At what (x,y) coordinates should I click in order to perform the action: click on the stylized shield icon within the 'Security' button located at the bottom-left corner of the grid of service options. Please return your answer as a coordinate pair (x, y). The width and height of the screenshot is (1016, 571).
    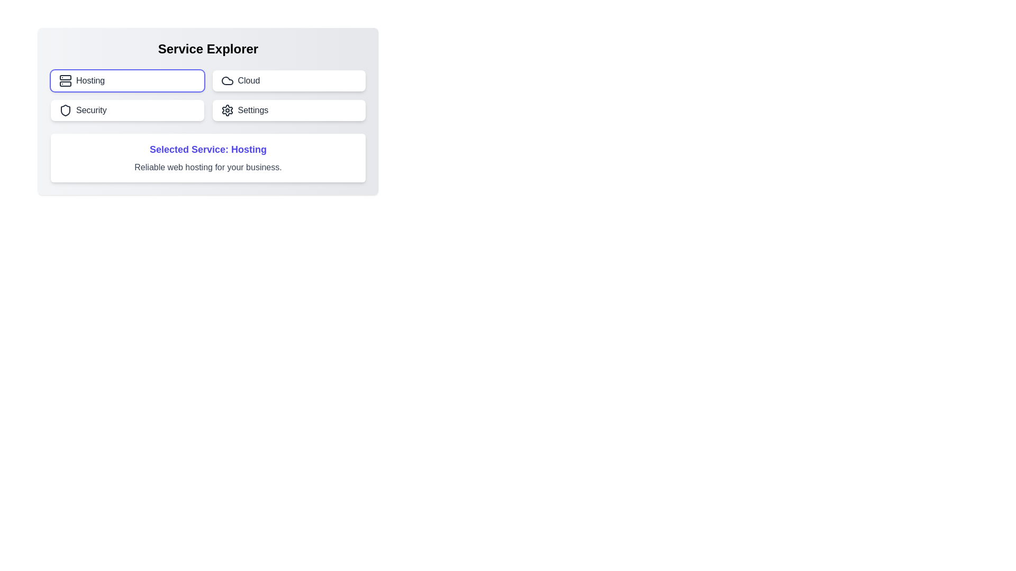
    Looking at the image, I should click on (65, 110).